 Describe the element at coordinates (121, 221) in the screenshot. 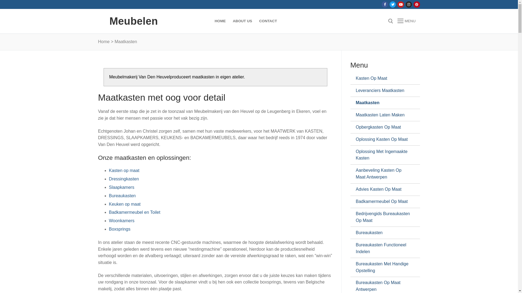

I see `'Woonkamers'` at that location.